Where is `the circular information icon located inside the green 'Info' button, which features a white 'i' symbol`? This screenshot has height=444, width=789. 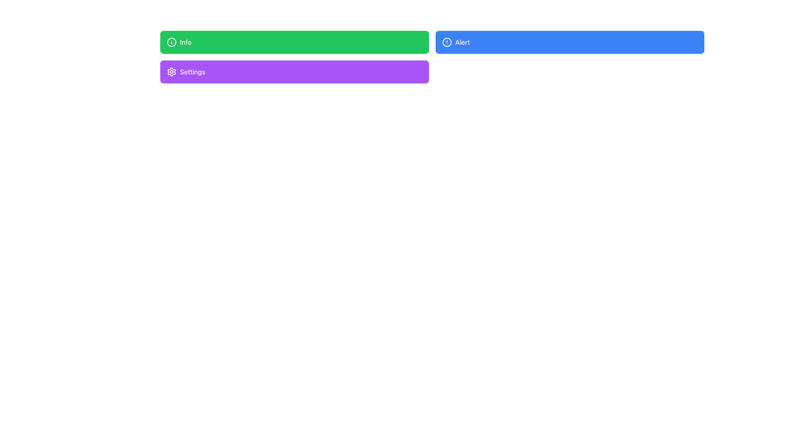
the circular information icon located inside the green 'Info' button, which features a white 'i' symbol is located at coordinates (171, 42).